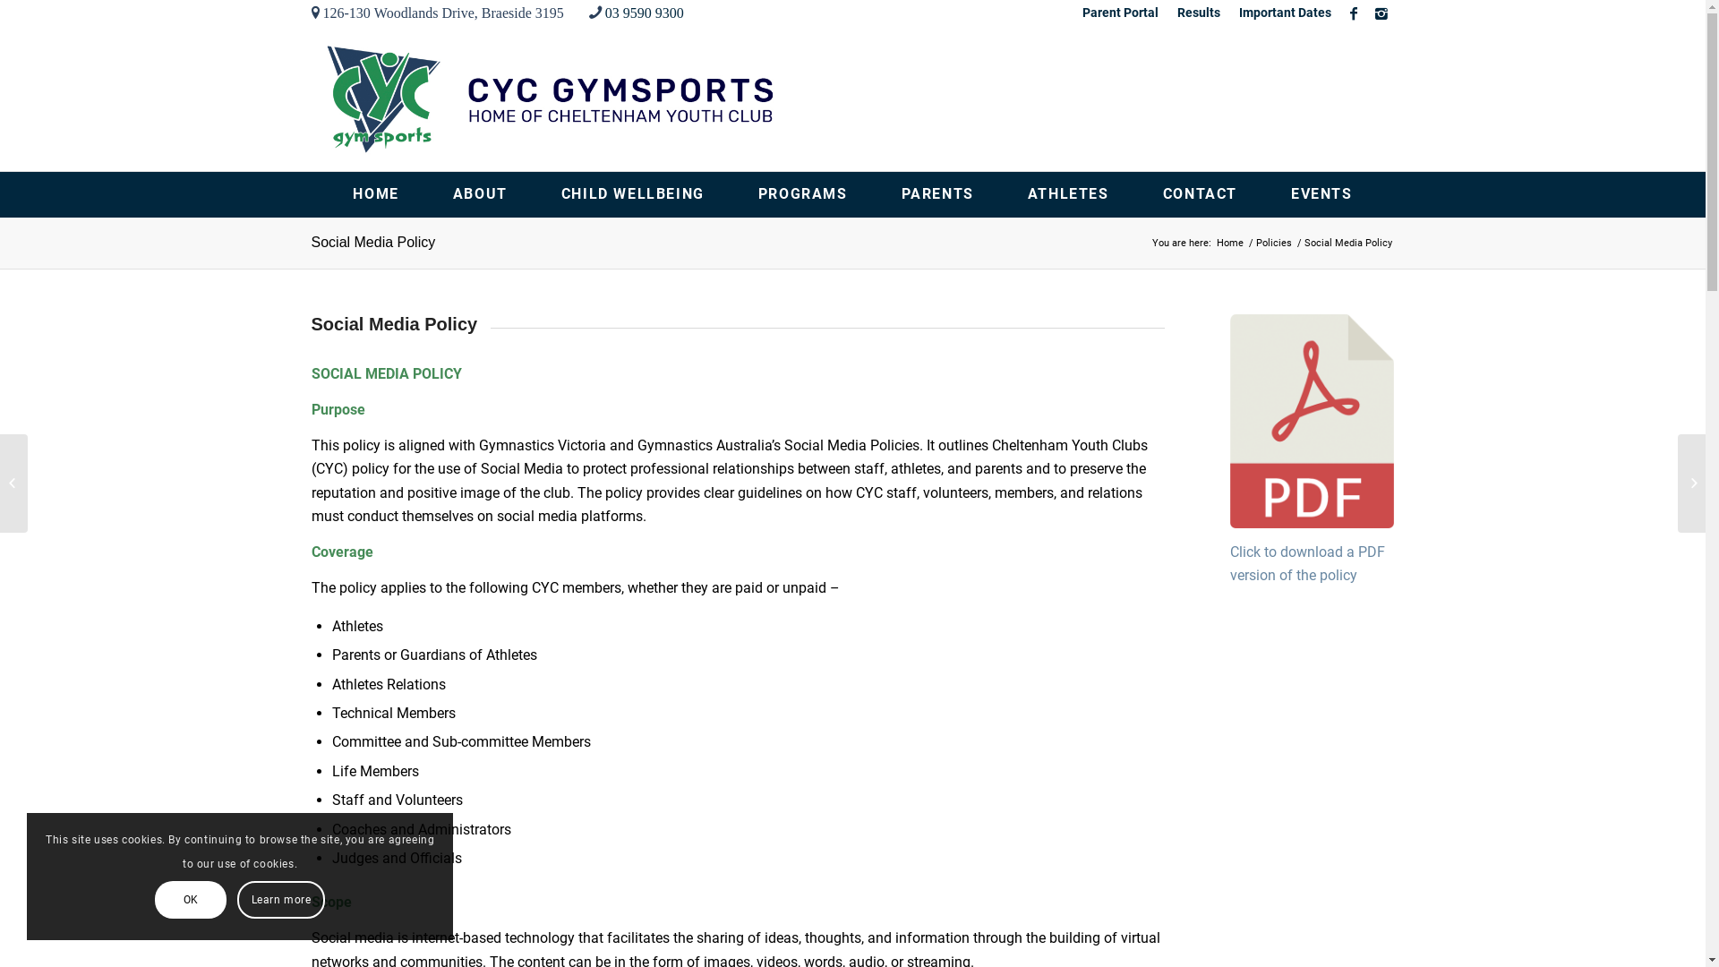 This screenshot has height=967, width=1719. Describe the element at coordinates (1068, 193) in the screenshot. I see `'ATHLETES'` at that location.